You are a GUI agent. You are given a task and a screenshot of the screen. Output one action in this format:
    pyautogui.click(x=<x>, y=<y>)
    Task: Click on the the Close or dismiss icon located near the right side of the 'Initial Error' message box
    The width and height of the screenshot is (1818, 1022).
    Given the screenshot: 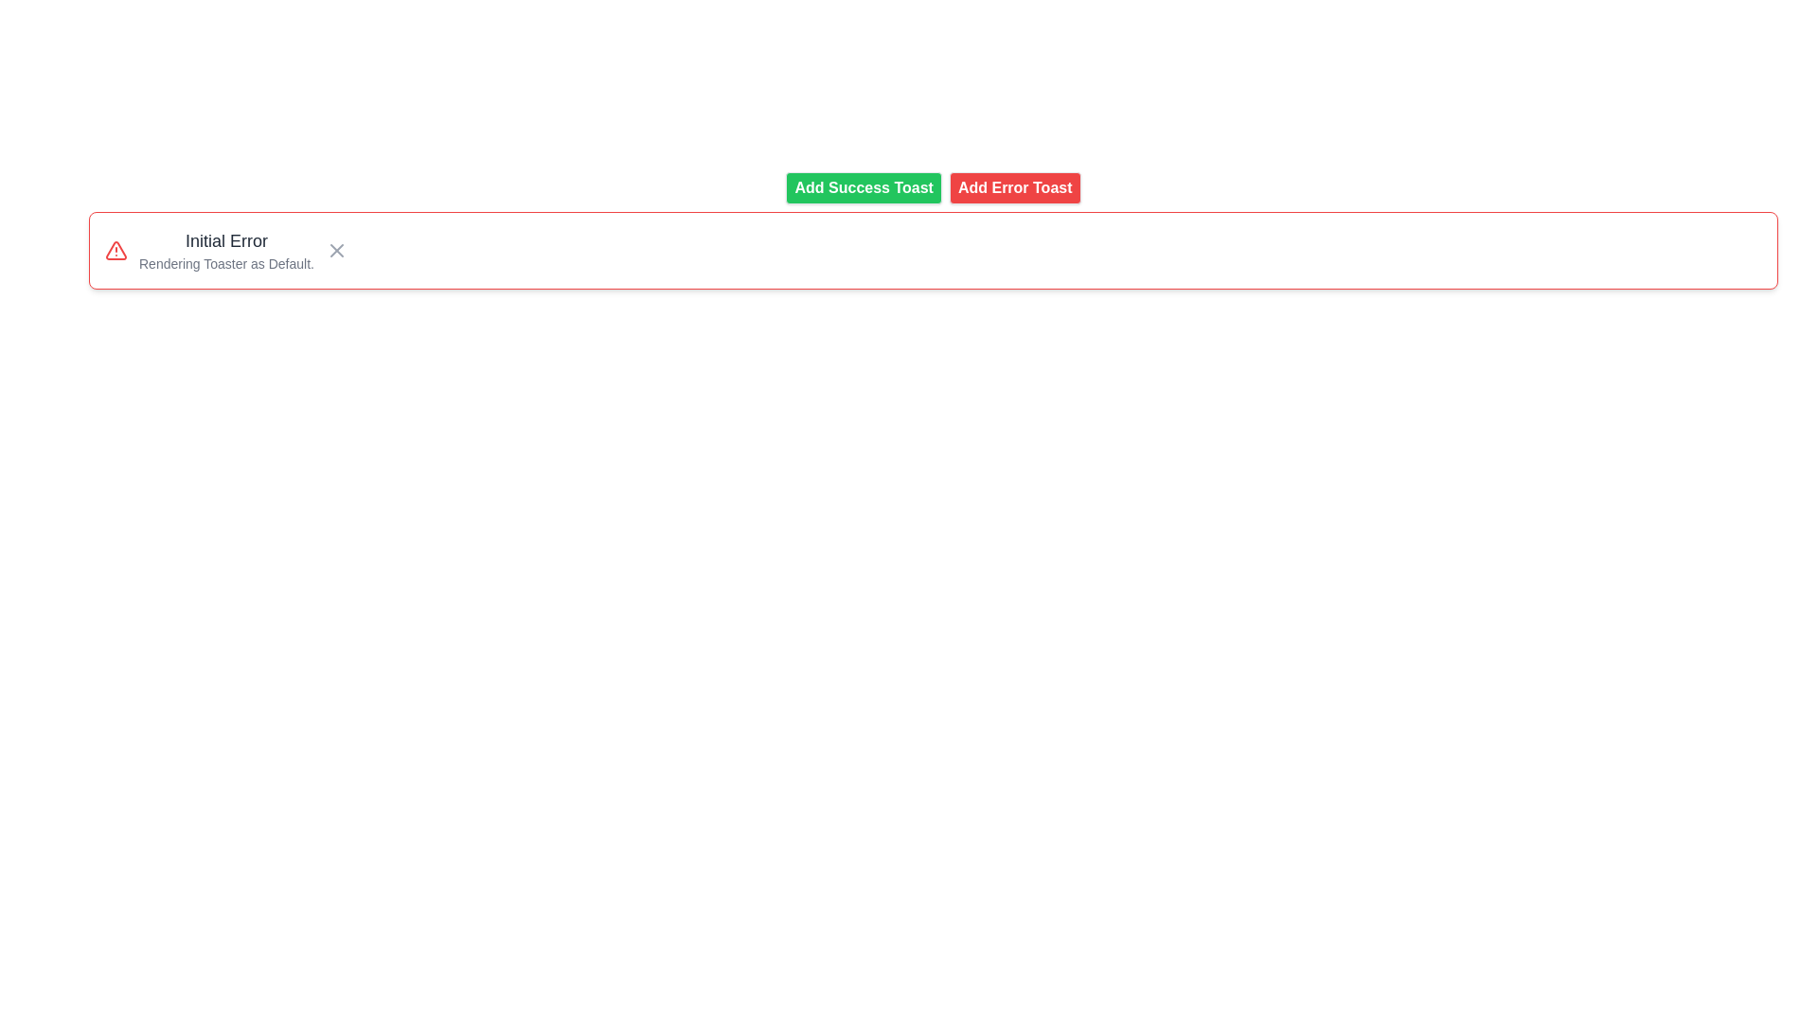 What is the action you would take?
    pyautogui.click(x=336, y=250)
    